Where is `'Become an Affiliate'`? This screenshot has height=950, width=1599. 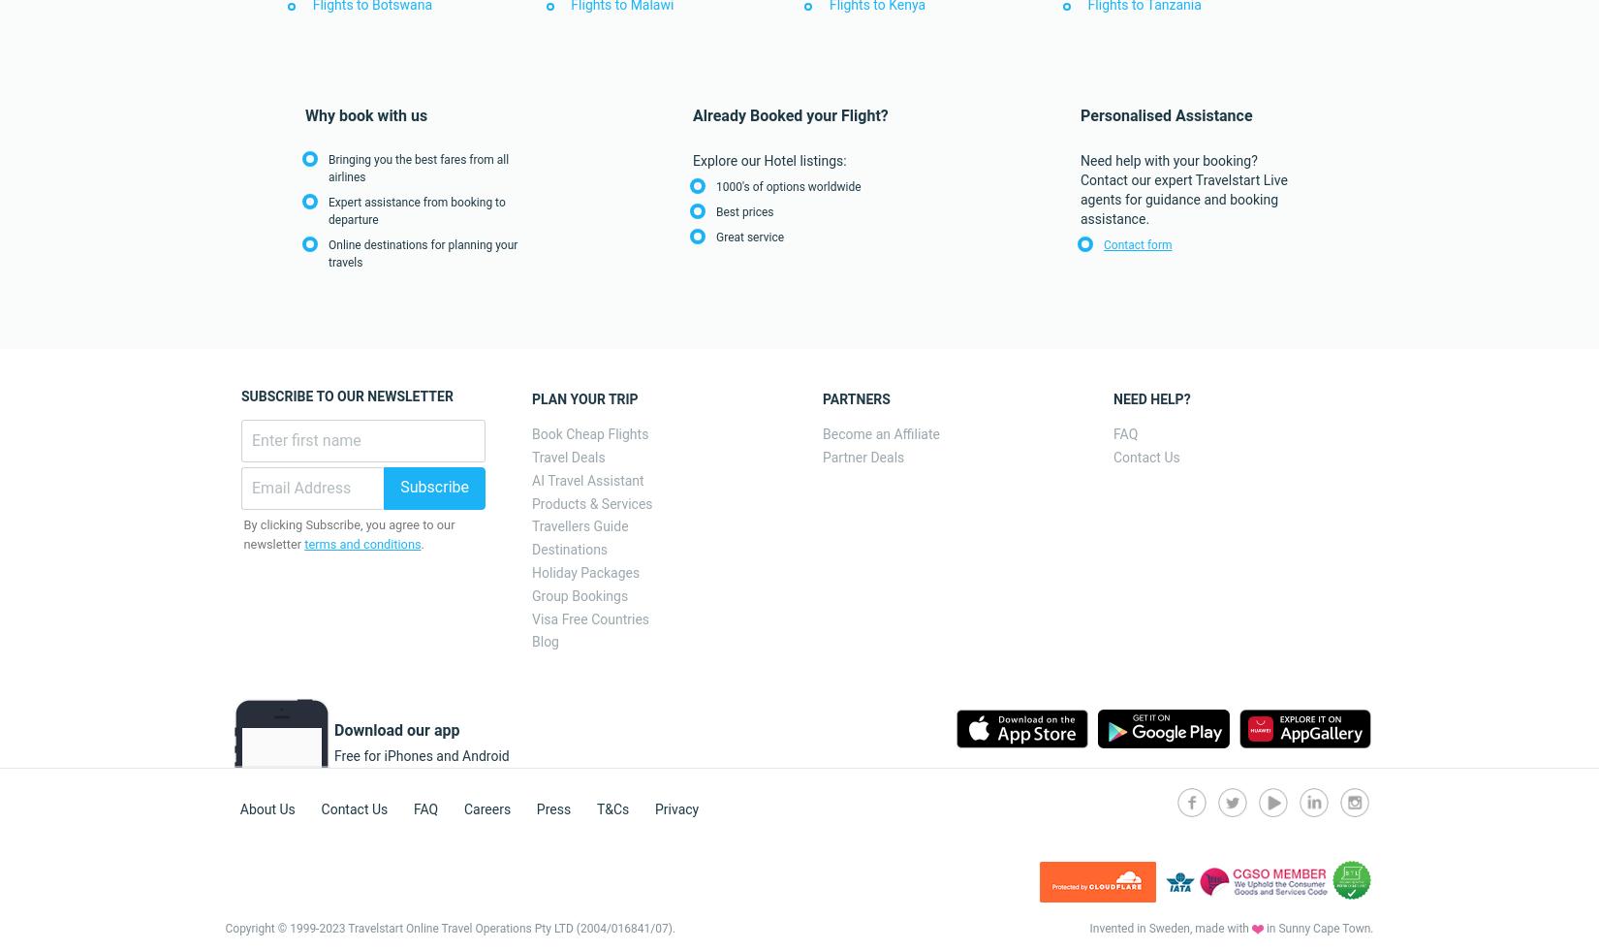 'Become an Affiliate' is located at coordinates (880, 433).